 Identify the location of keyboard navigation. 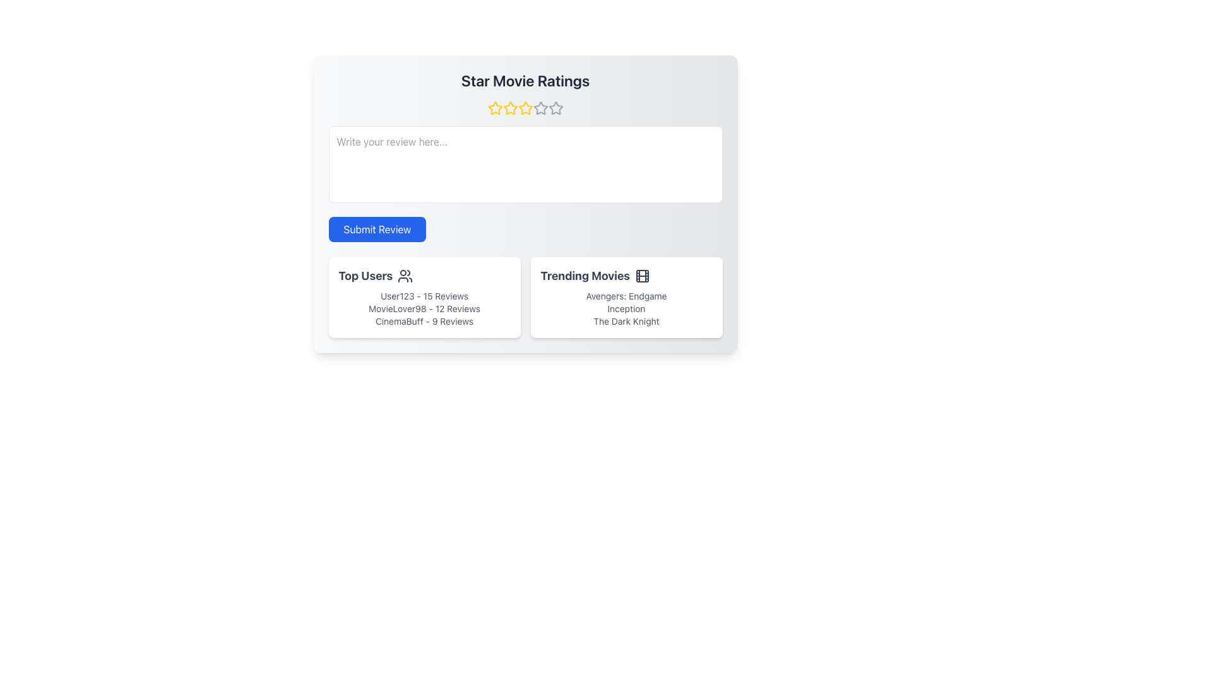
(555, 107).